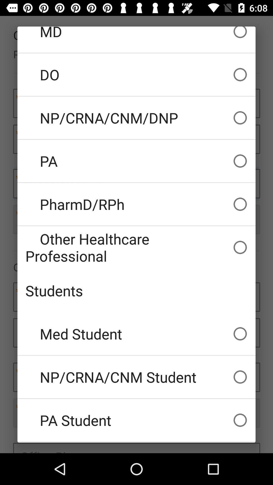 The image size is (273, 485). Describe the element at coordinates (136, 247) in the screenshot. I see `icon above students icon` at that location.